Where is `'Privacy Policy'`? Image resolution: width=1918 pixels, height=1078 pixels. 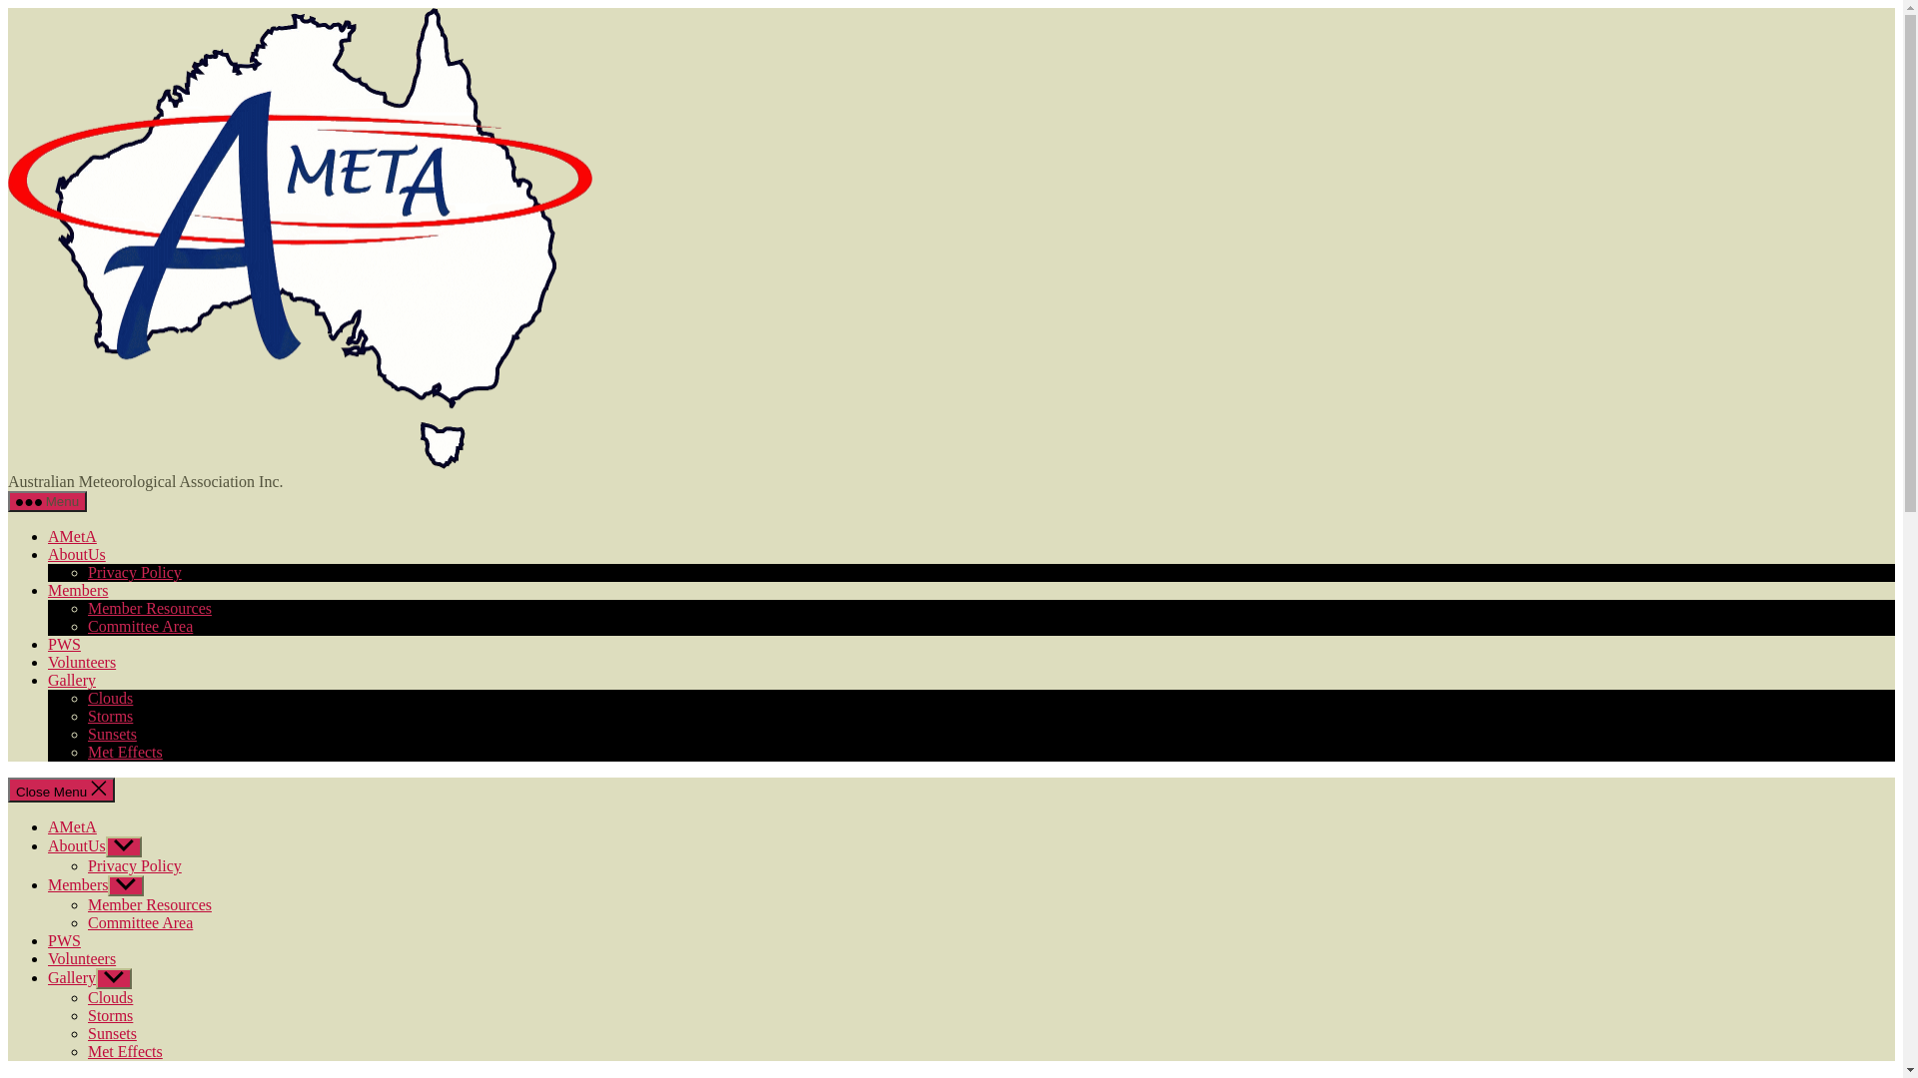
'Privacy Policy' is located at coordinates (133, 572).